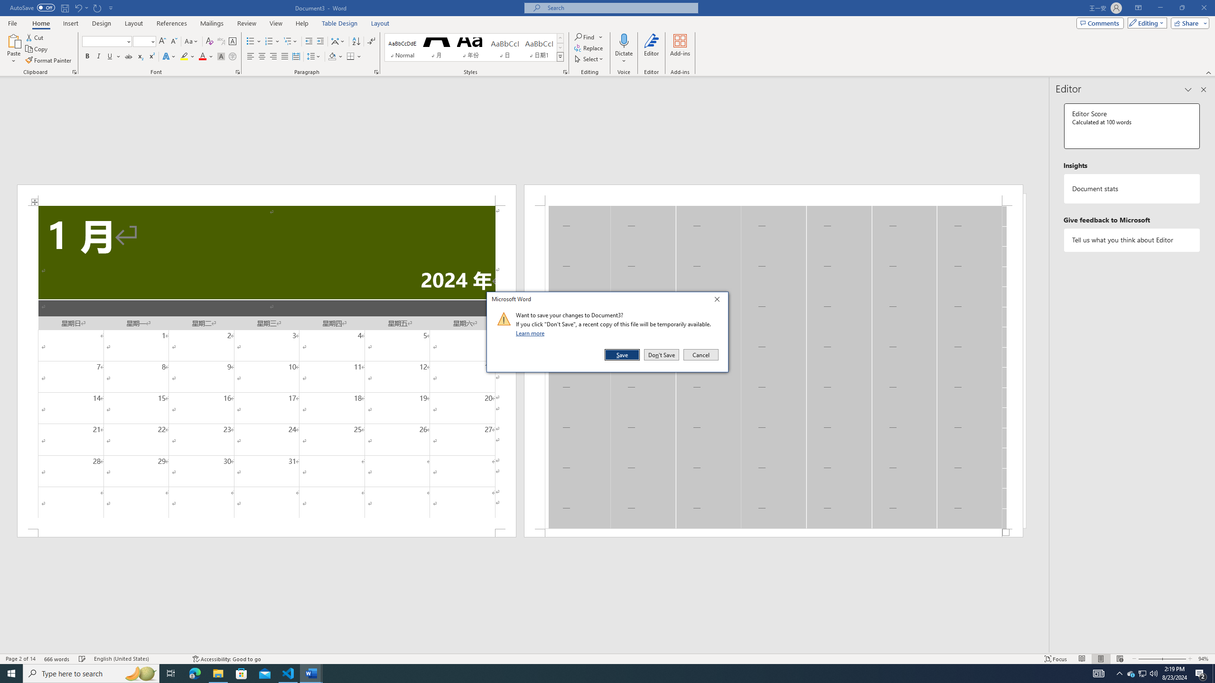  I want to click on 'Shrink Font', so click(174, 41).